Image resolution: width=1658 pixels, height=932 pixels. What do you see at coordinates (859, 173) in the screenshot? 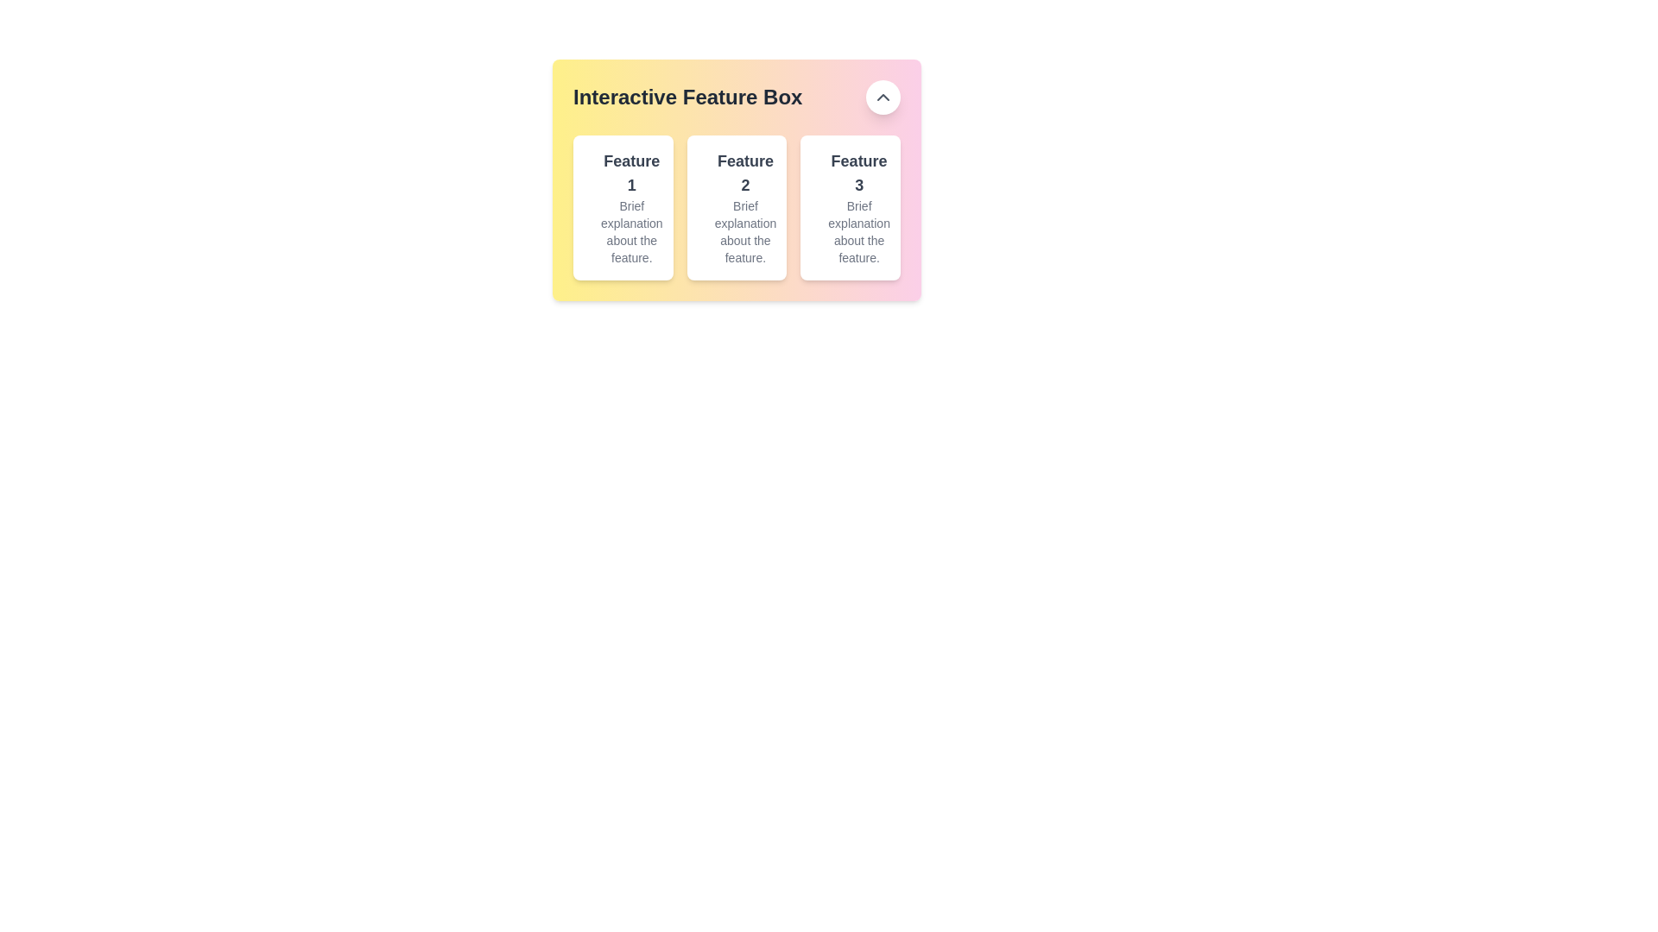
I see `the text label titled 'Feature 3', which is displayed in bold dark gray font within the third feature box of the 'Interactive Feature Box' section` at bounding box center [859, 173].